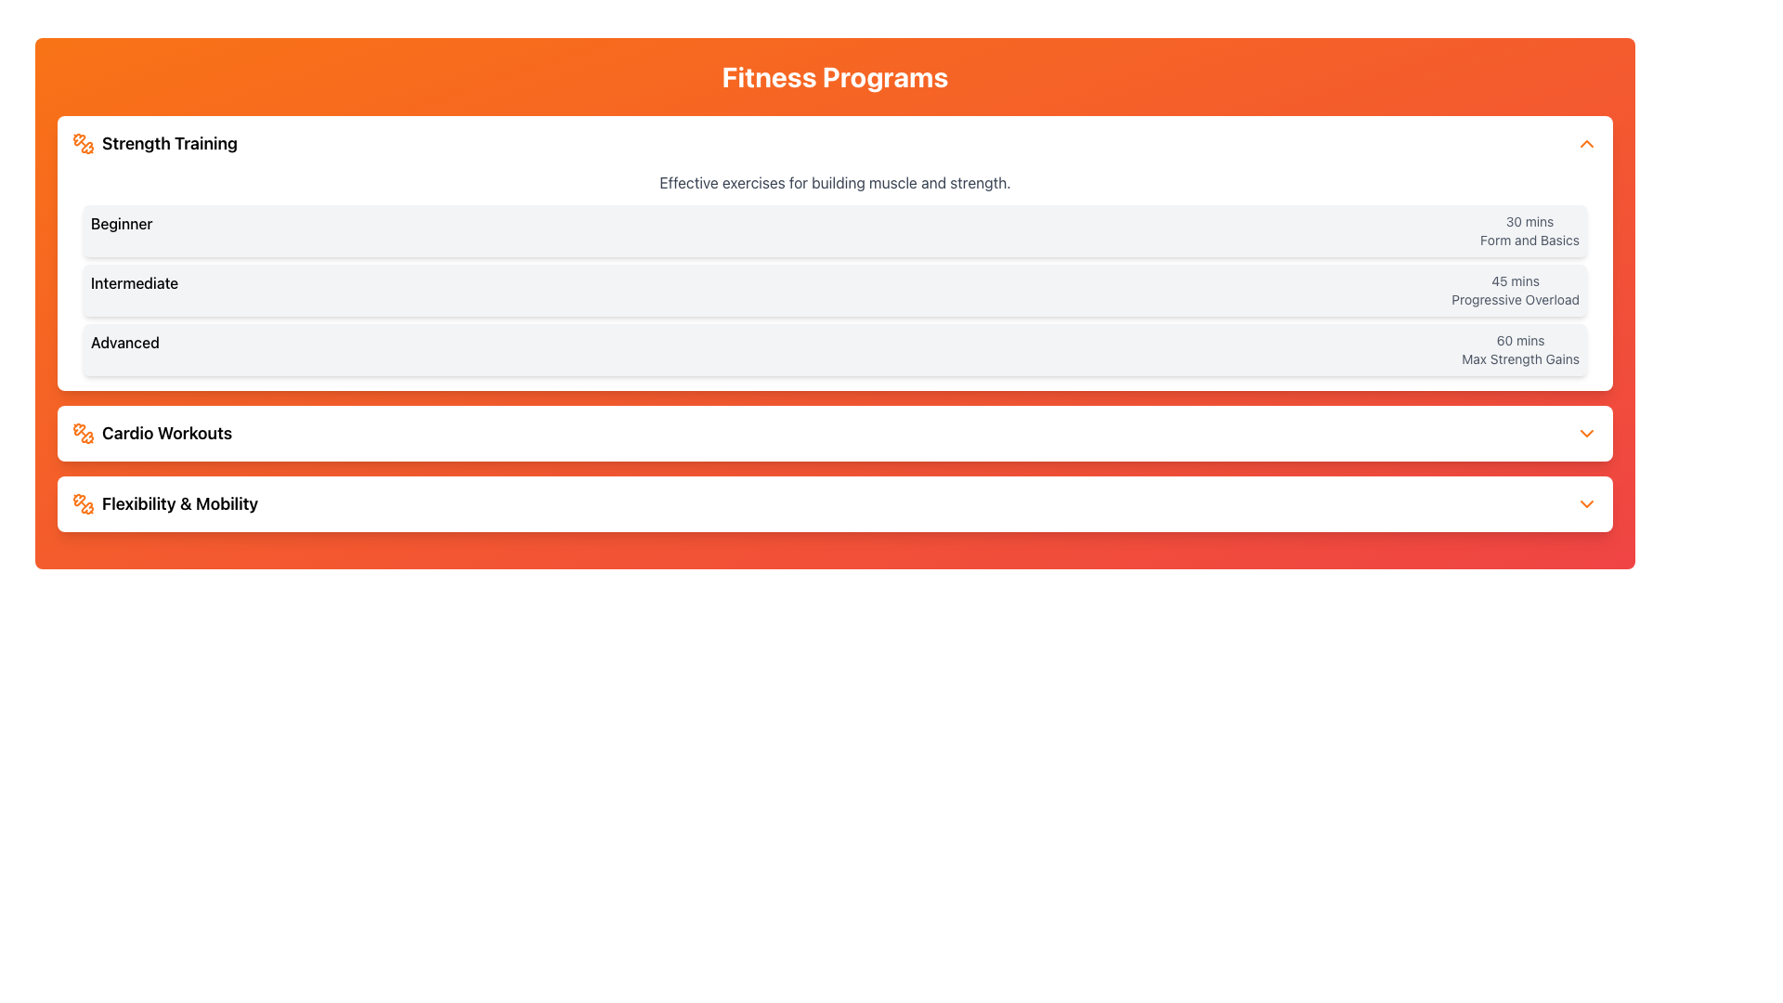 The image size is (1783, 1003). Describe the element at coordinates (1516, 281) in the screenshot. I see `the text label indicating the time duration for the 'Intermediate' subsection under 'Strength Training', positioned above 'Progressive Overload'` at that location.